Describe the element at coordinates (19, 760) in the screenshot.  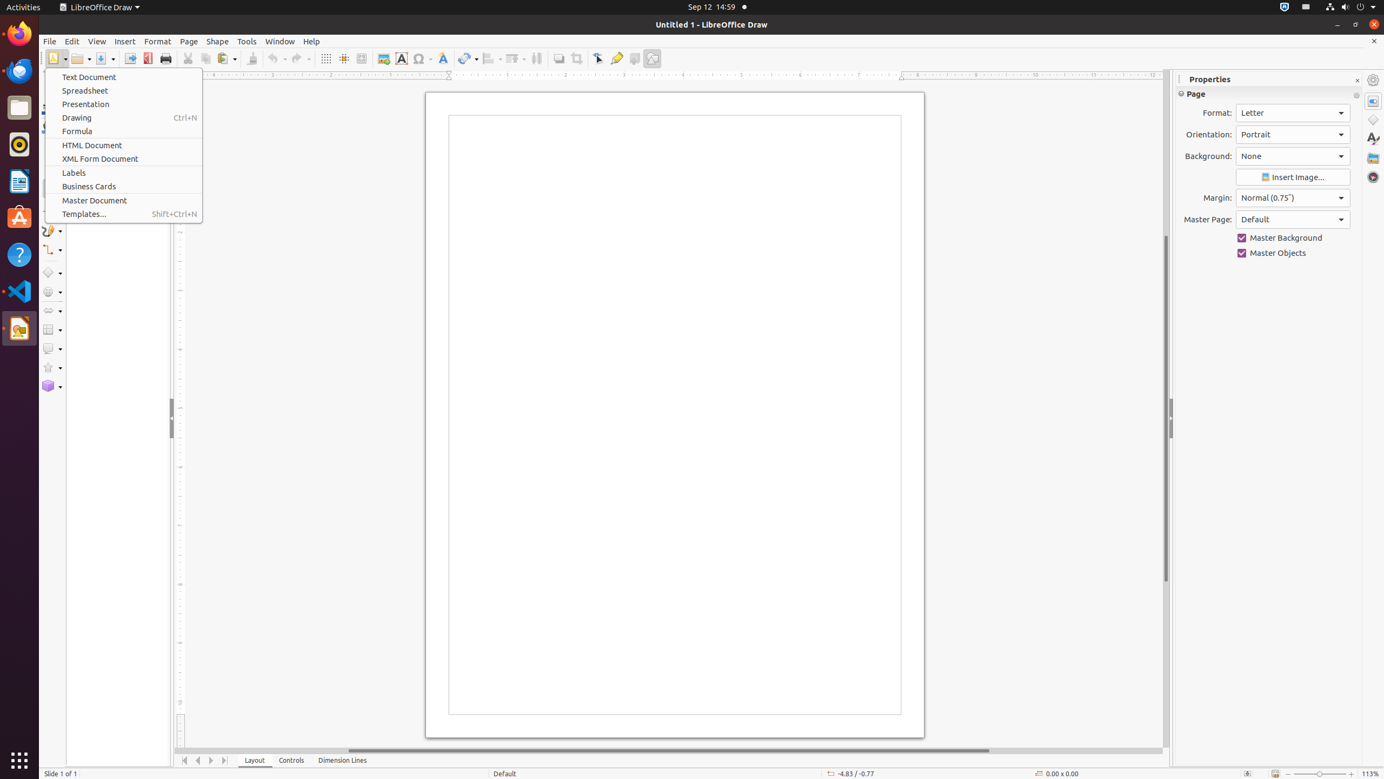
I see `'Show Applications'` at that location.